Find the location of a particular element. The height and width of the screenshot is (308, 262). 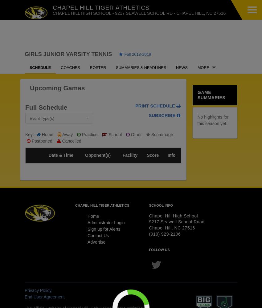

'Full Schedule' is located at coordinates (46, 107).